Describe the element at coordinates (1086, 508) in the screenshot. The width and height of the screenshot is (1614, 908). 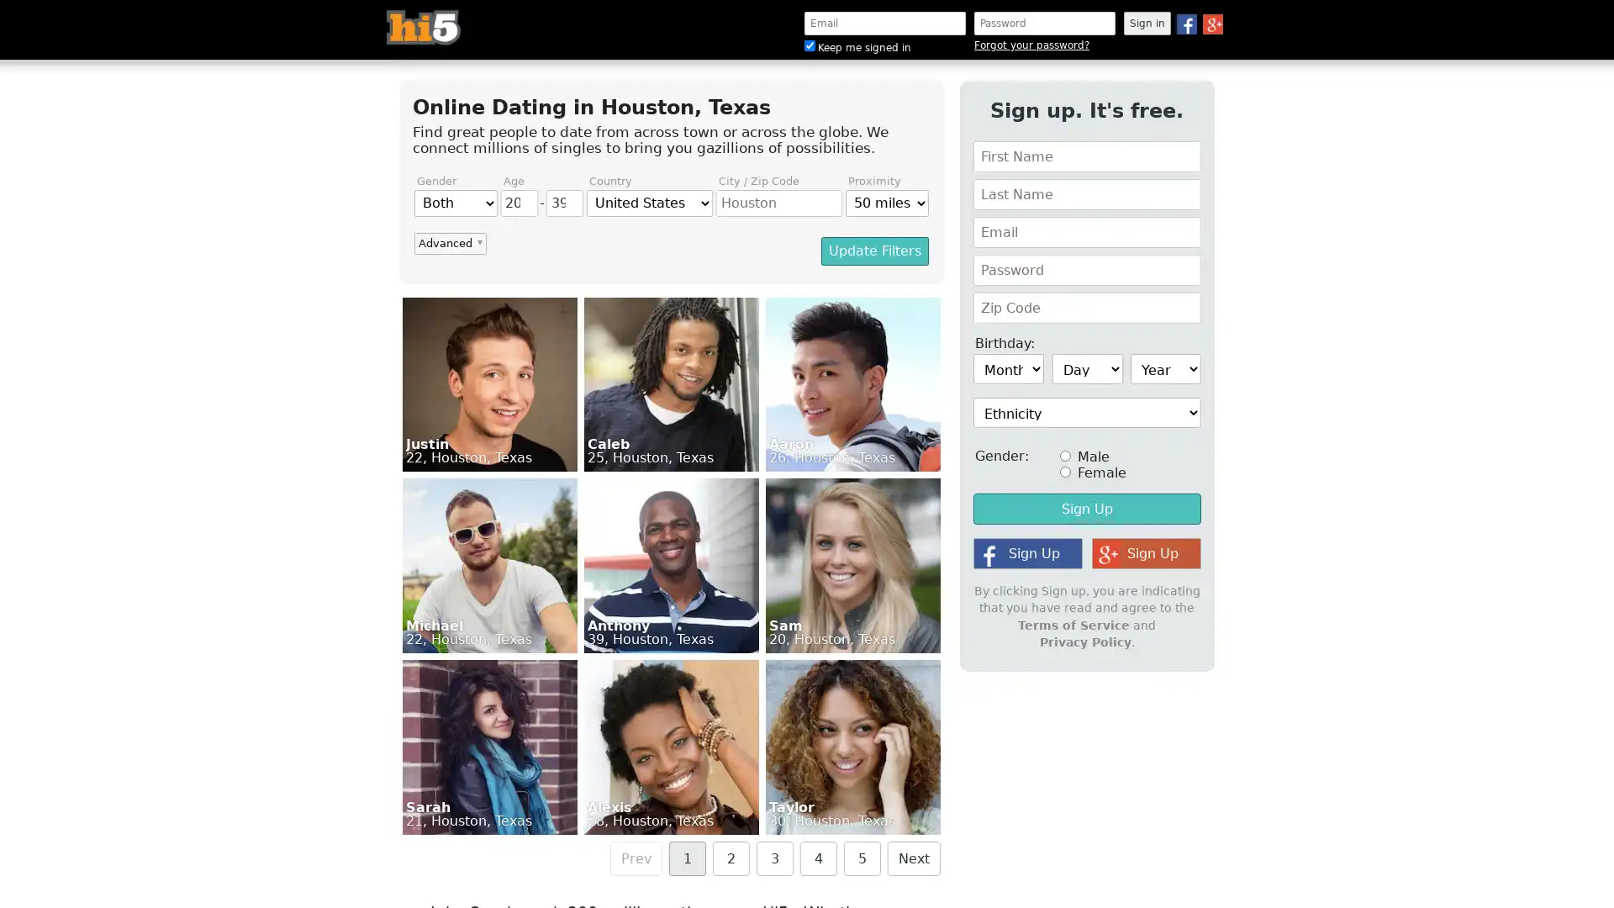
I see `Sign Up` at that location.